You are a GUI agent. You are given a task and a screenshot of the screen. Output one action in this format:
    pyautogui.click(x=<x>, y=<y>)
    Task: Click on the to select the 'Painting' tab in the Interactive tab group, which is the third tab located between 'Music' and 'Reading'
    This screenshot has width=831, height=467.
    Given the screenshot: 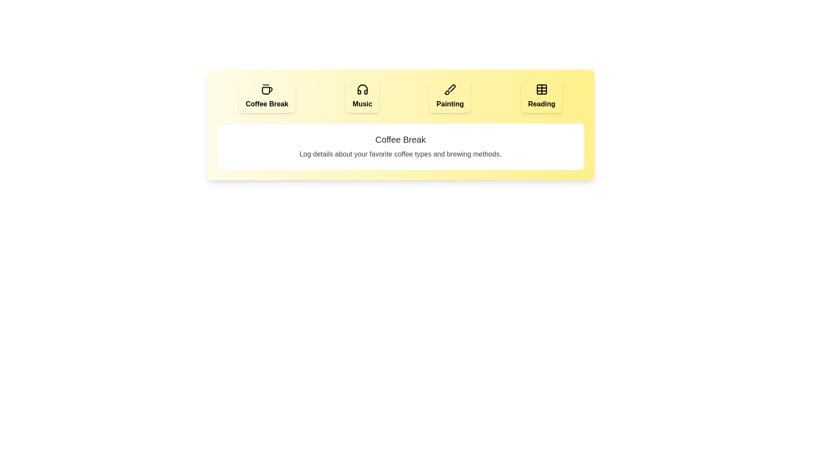 What is the action you would take?
    pyautogui.click(x=450, y=96)
    